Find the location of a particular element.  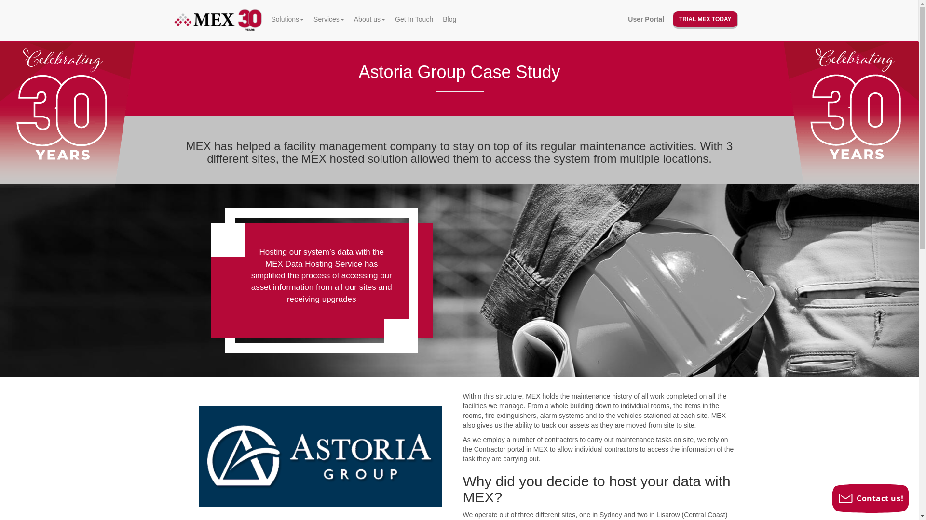

'Solutions' is located at coordinates (286, 19).